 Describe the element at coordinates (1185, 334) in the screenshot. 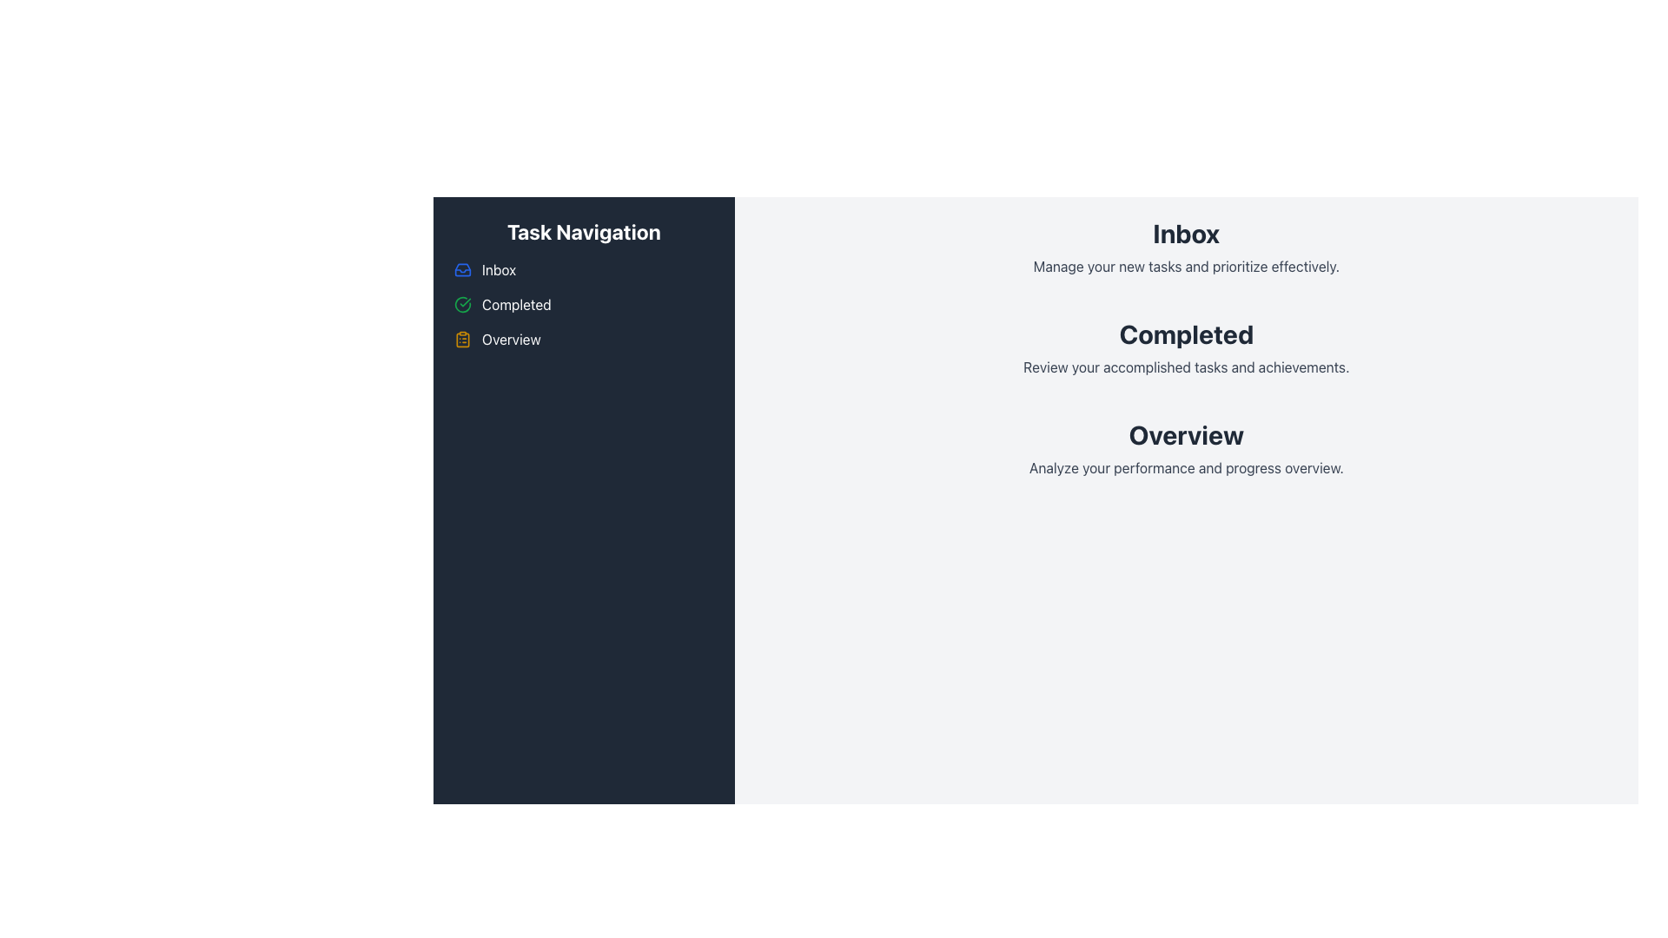

I see `the Title or Heading element that indicates the topic of completed tasks and achievements, which contains the text 'Review your accomplished tasks and achievements.'` at that location.